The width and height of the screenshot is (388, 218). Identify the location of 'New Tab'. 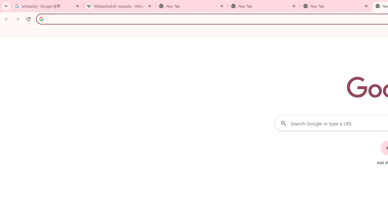
(336, 6).